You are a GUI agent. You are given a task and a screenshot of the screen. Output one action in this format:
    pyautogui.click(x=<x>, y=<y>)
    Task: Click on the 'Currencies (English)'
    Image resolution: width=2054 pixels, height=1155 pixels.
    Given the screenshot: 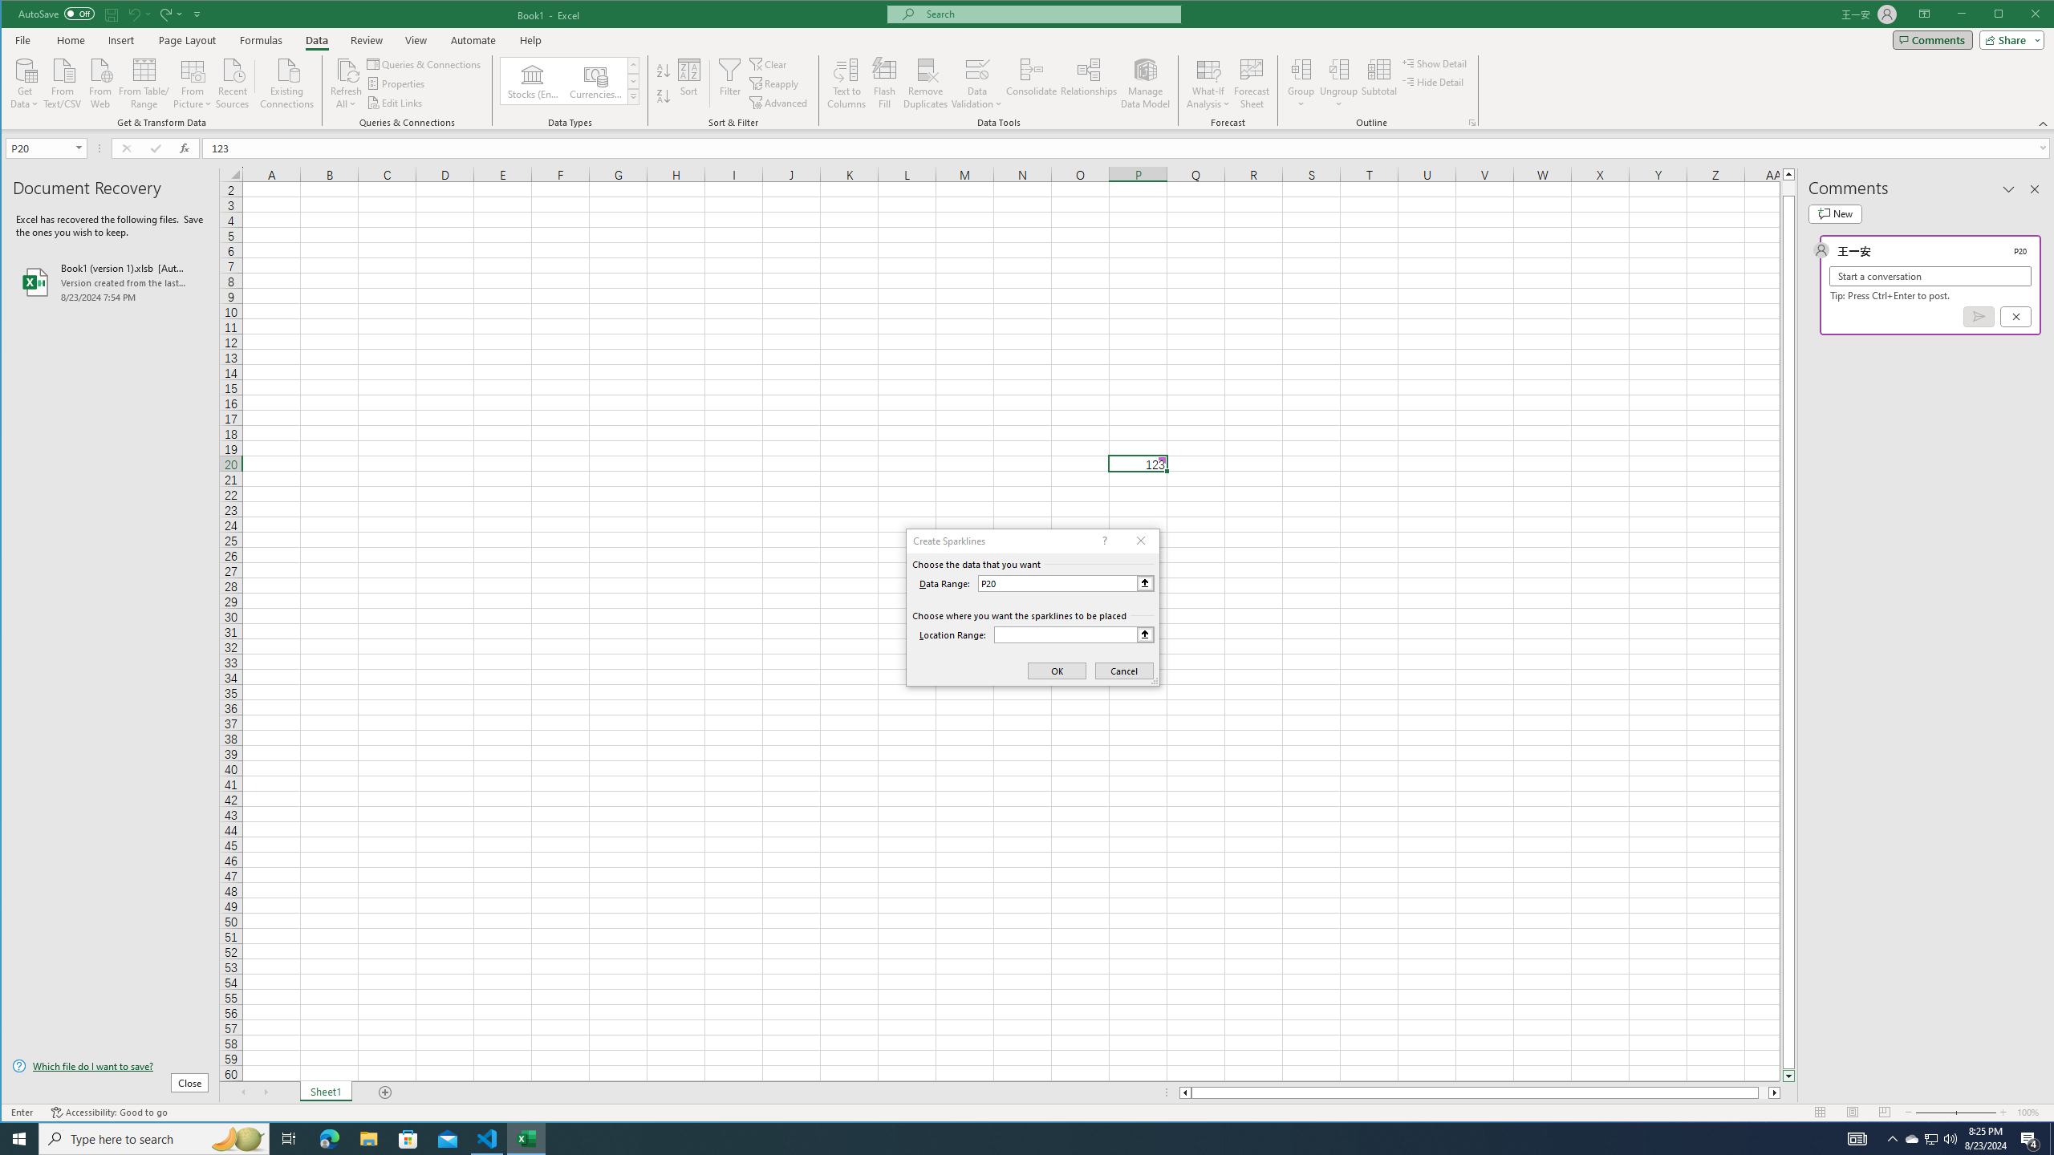 What is the action you would take?
    pyautogui.click(x=595, y=80)
    